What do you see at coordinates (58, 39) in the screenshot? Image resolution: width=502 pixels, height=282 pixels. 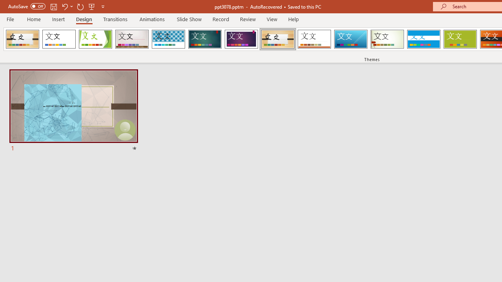 I see `'Office Theme'` at bounding box center [58, 39].